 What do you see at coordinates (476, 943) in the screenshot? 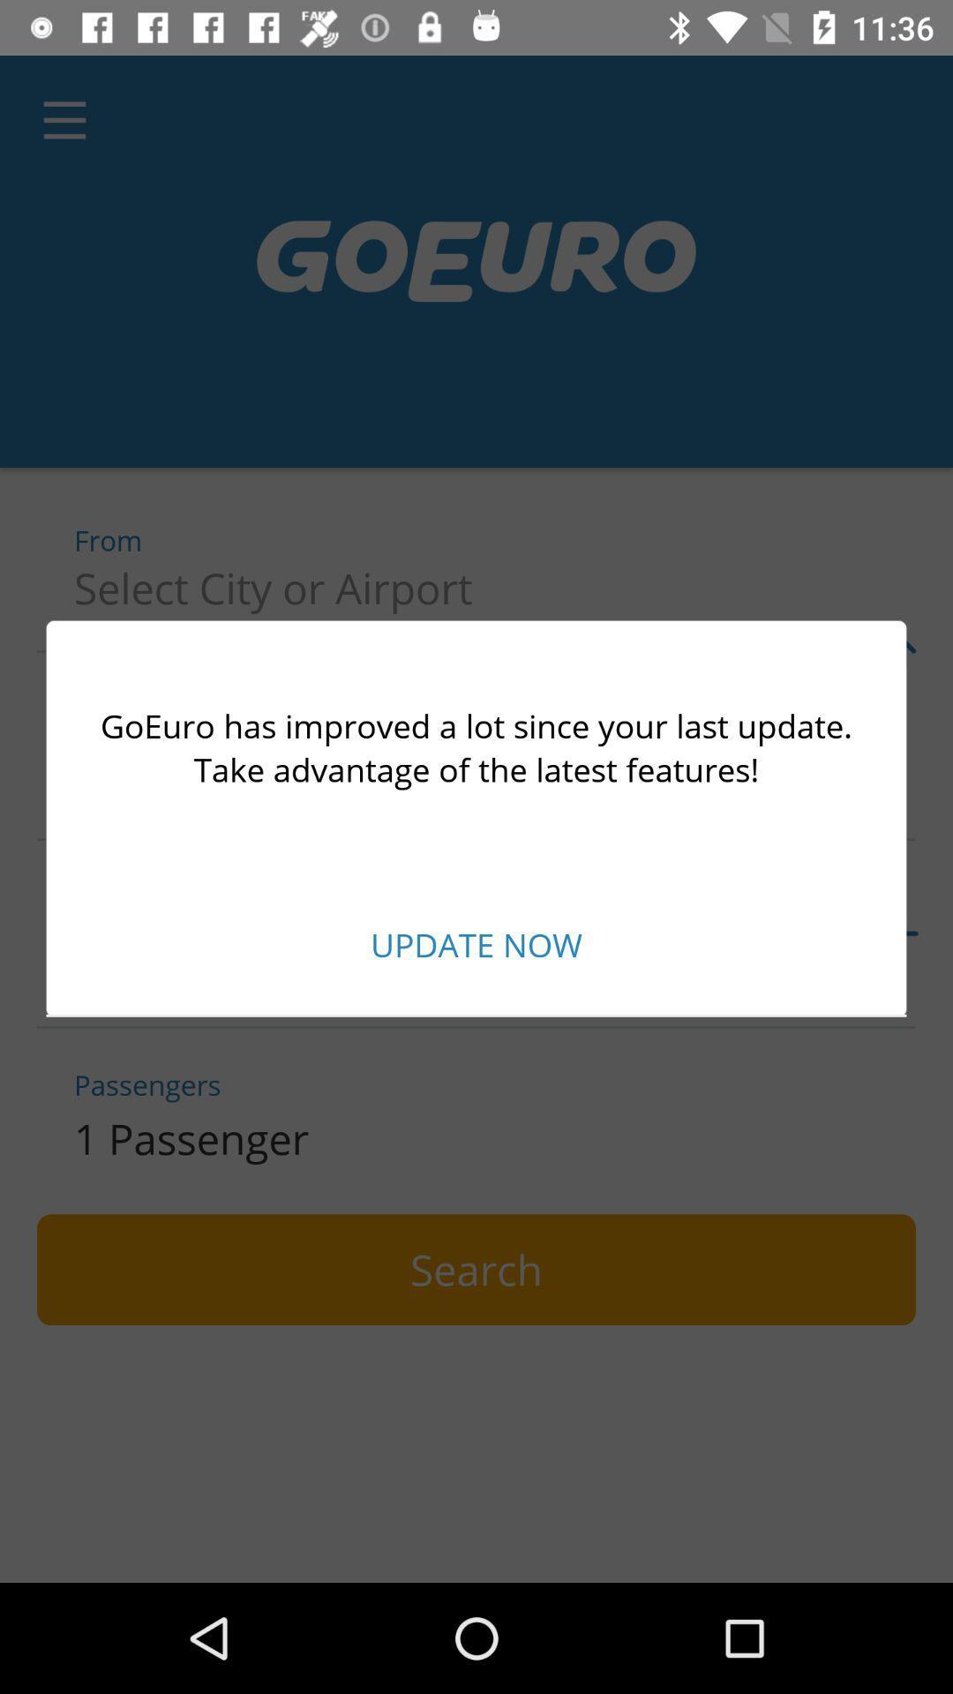
I see `the update now icon` at bounding box center [476, 943].